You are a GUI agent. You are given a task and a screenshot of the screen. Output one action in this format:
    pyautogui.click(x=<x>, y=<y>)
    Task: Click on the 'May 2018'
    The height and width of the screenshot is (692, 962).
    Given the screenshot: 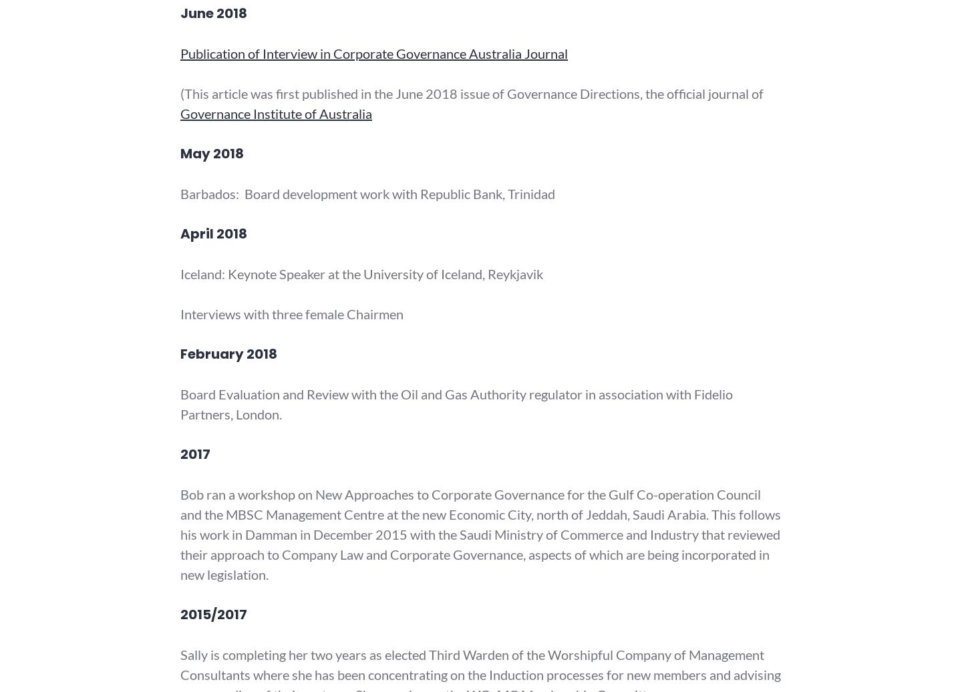 What is the action you would take?
    pyautogui.click(x=212, y=153)
    